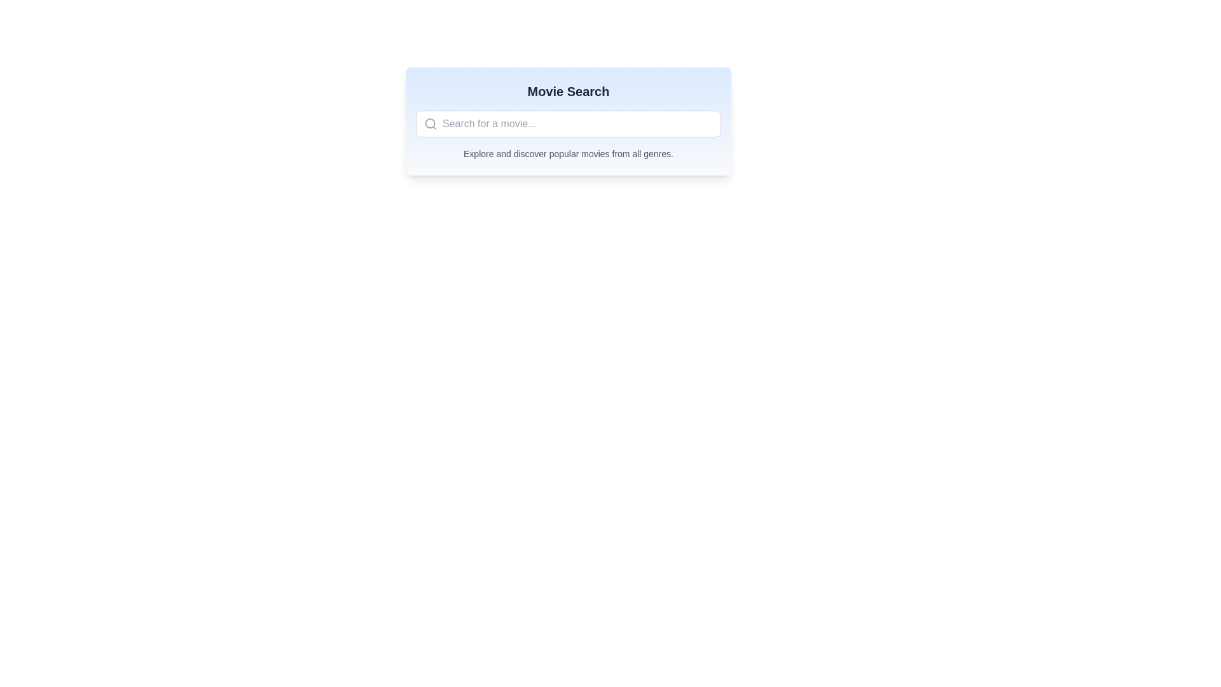 Image resolution: width=1221 pixels, height=687 pixels. I want to click on the search icon located at the left edge of the search bar under the heading 'Movie Search', so click(431, 124).